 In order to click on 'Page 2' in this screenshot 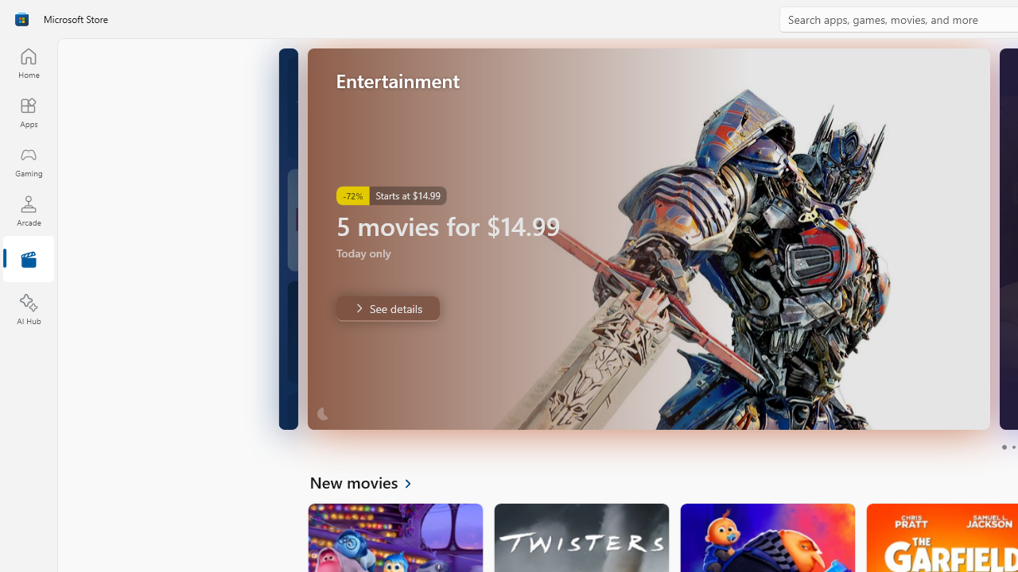, I will do `click(1012, 447)`.